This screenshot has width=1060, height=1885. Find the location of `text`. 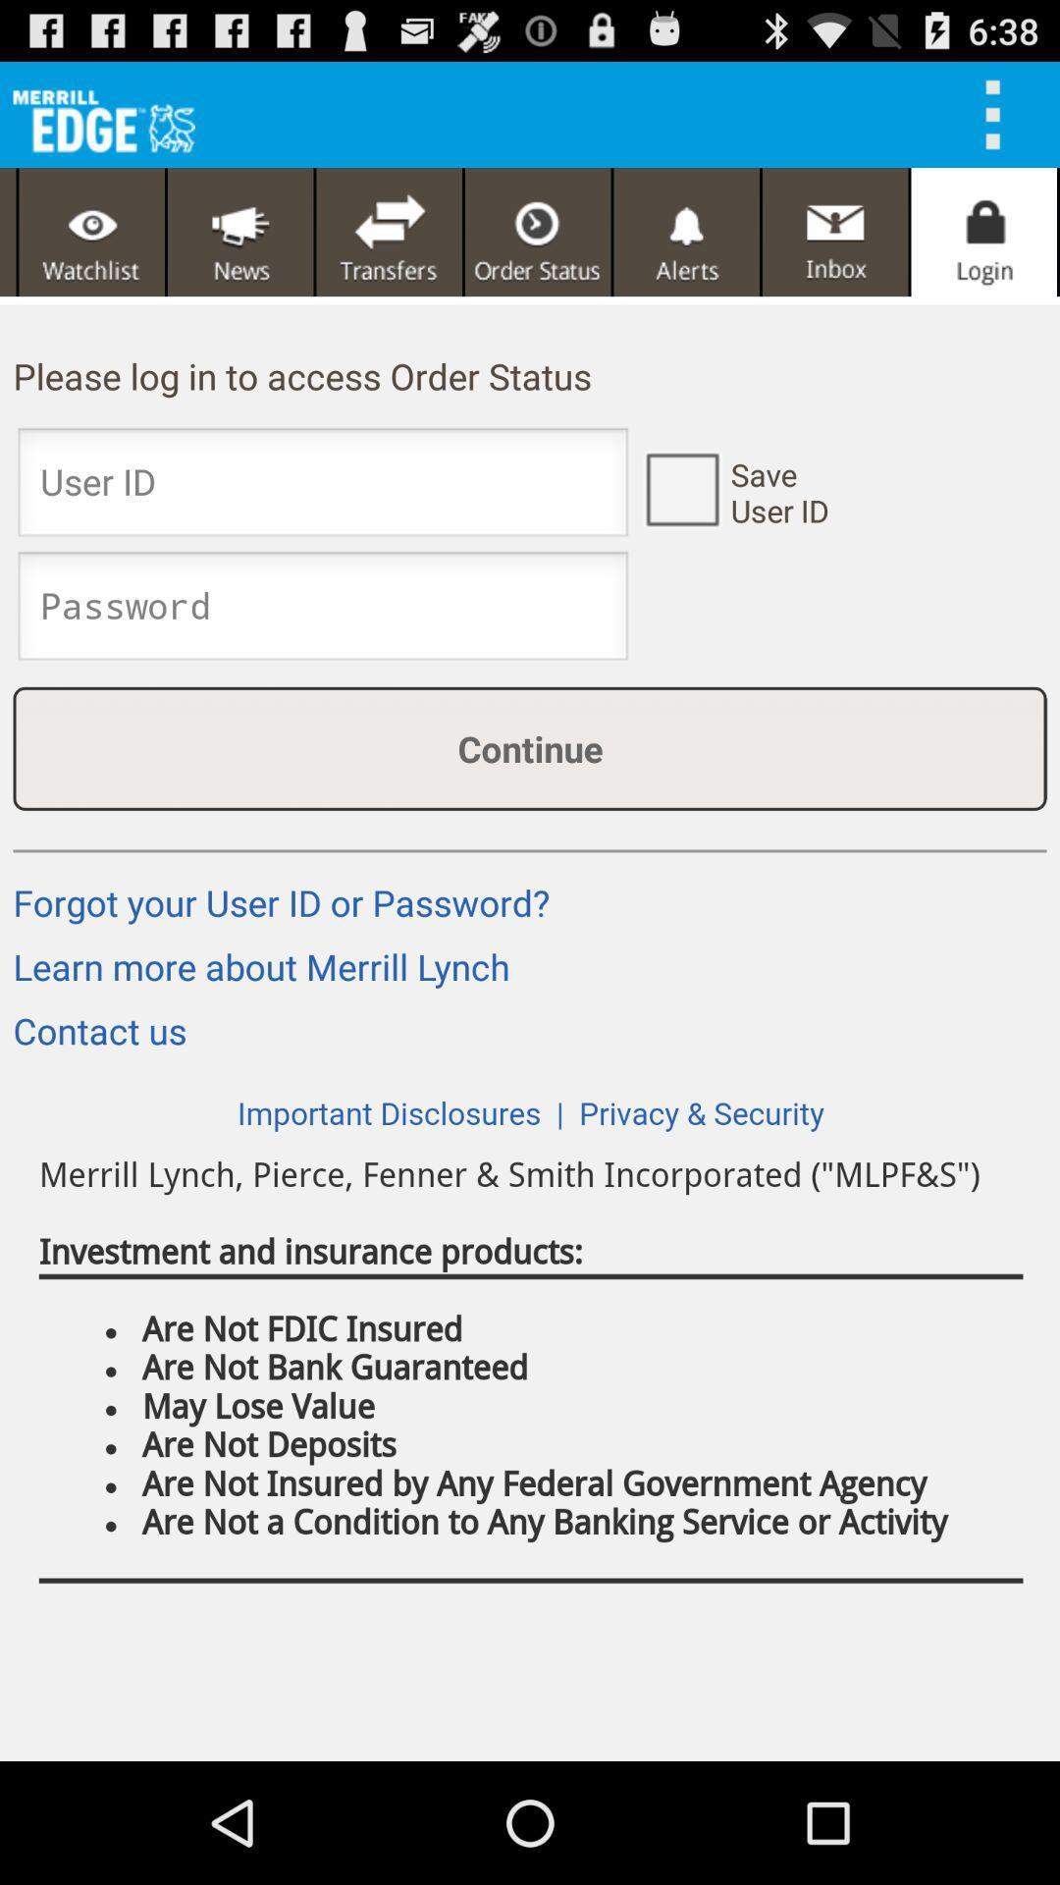

text is located at coordinates (322, 611).